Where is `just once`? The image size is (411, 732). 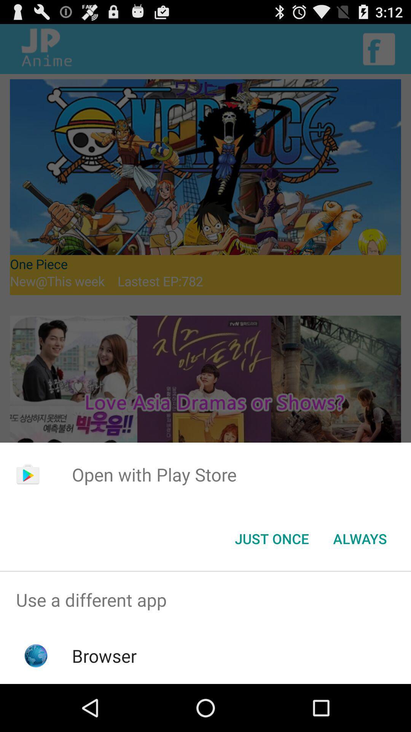 just once is located at coordinates (271, 538).